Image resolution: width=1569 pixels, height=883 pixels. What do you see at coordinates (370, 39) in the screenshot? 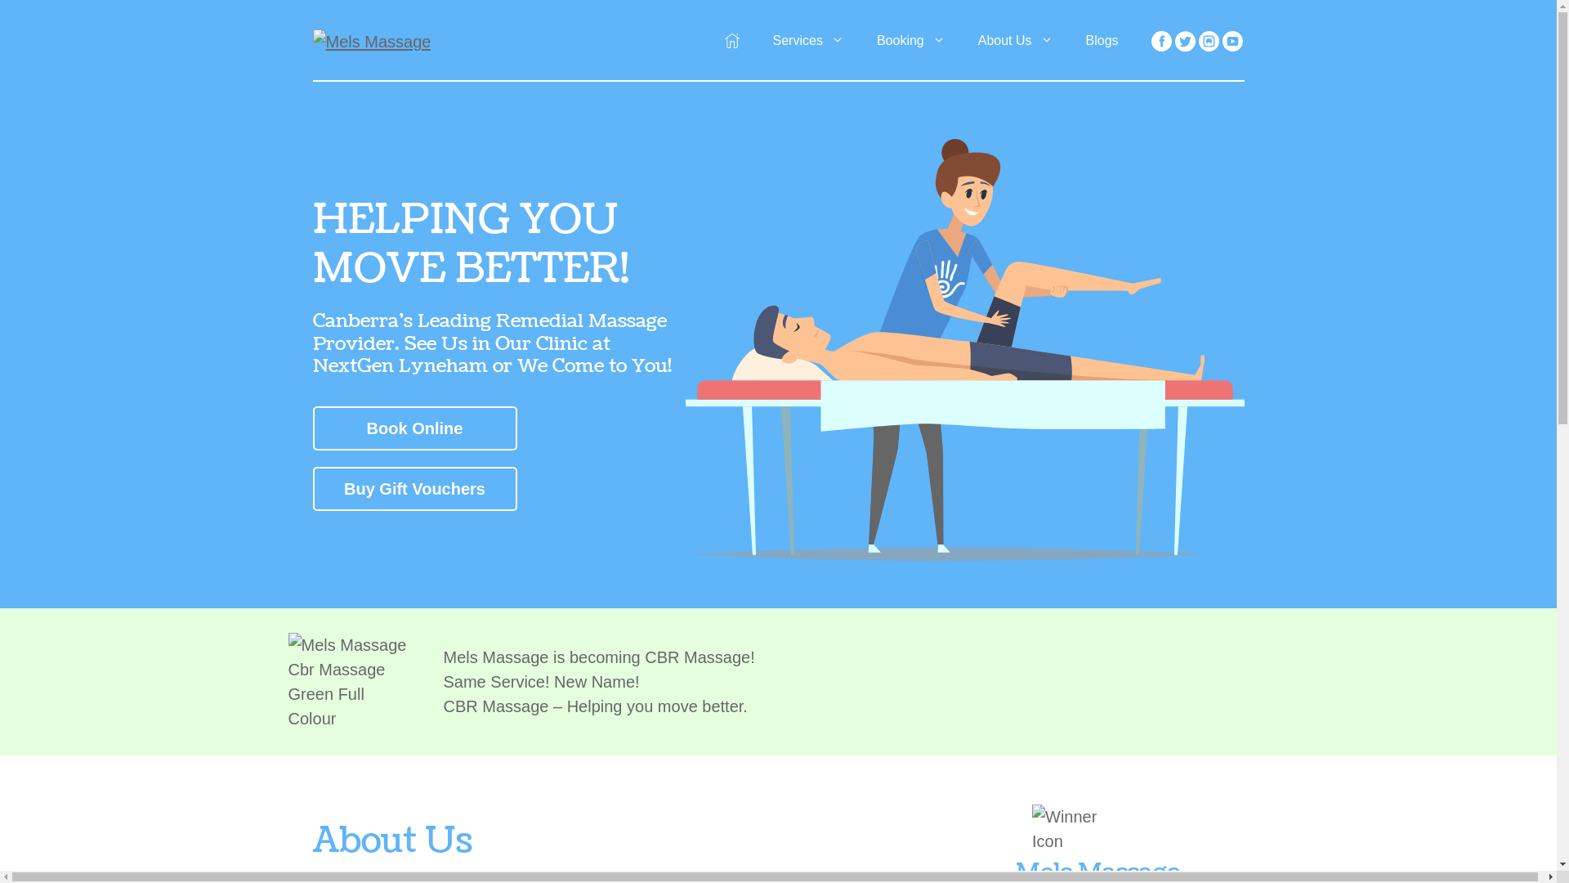
I see `'Mels Massage'` at bounding box center [370, 39].